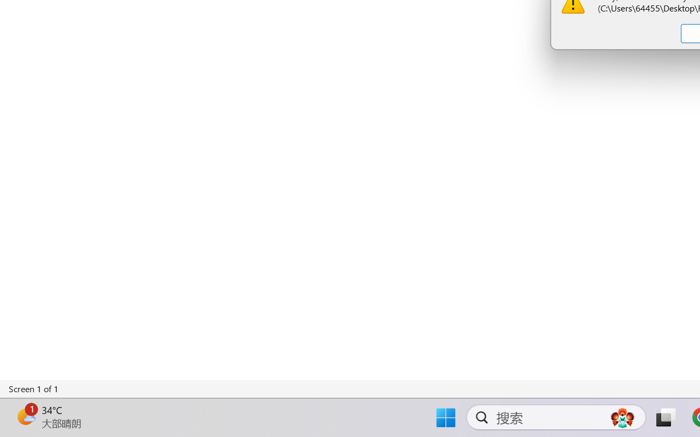 The height and width of the screenshot is (437, 700). Describe the element at coordinates (34, 388) in the screenshot. I see `'Page Number Screen 1 of 1 '` at that location.